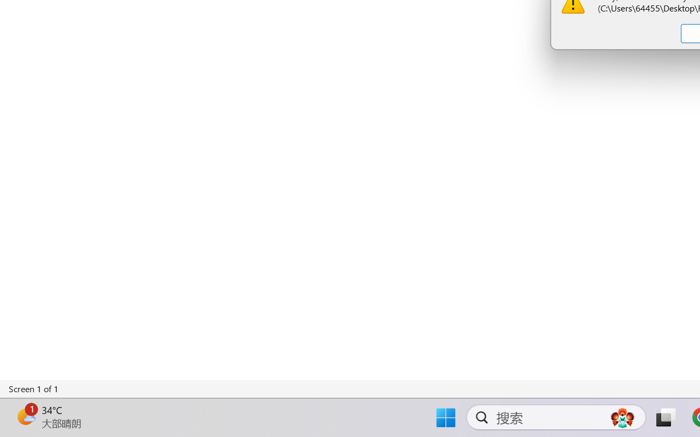 The height and width of the screenshot is (437, 700). Describe the element at coordinates (34, 388) in the screenshot. I see `'Page Number Screen 1 of 1 '` at that location.